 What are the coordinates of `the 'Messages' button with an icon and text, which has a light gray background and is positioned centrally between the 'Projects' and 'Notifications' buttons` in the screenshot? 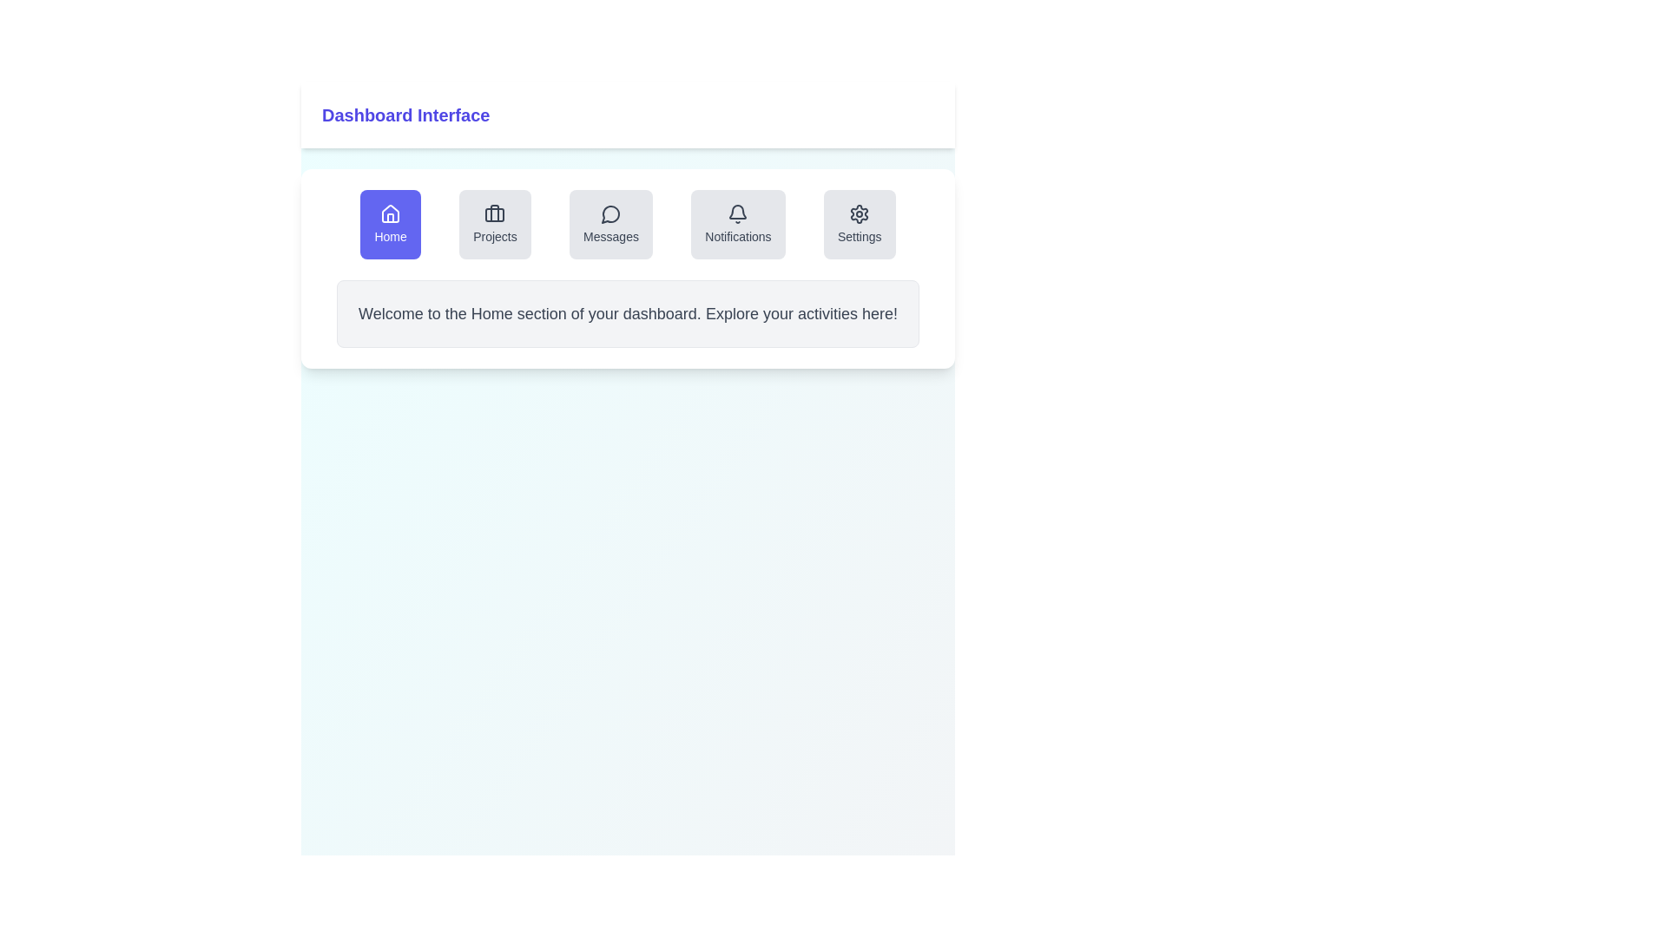 It's located at (611, 223).